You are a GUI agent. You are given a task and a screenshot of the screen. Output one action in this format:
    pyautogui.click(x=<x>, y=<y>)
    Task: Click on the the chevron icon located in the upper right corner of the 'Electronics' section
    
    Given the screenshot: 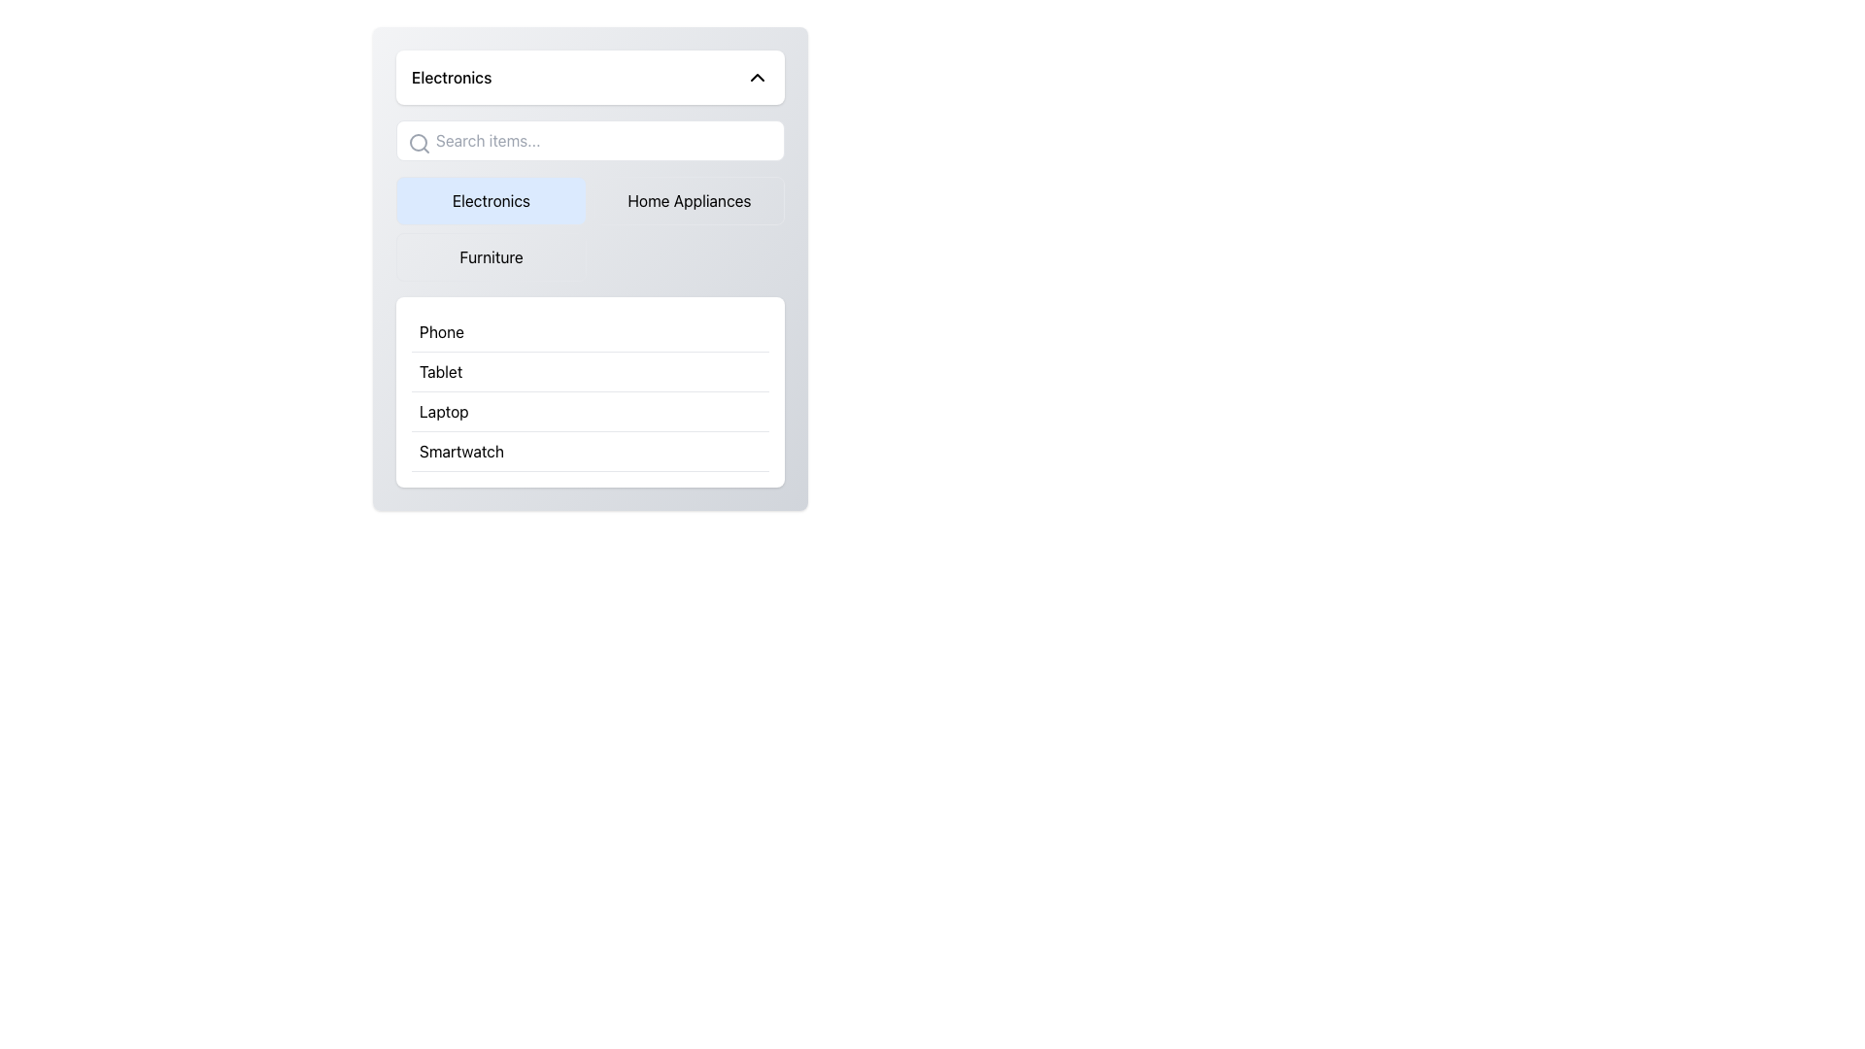 What is the action you would take?
    pyautogui.click(x=756, y=77)
    